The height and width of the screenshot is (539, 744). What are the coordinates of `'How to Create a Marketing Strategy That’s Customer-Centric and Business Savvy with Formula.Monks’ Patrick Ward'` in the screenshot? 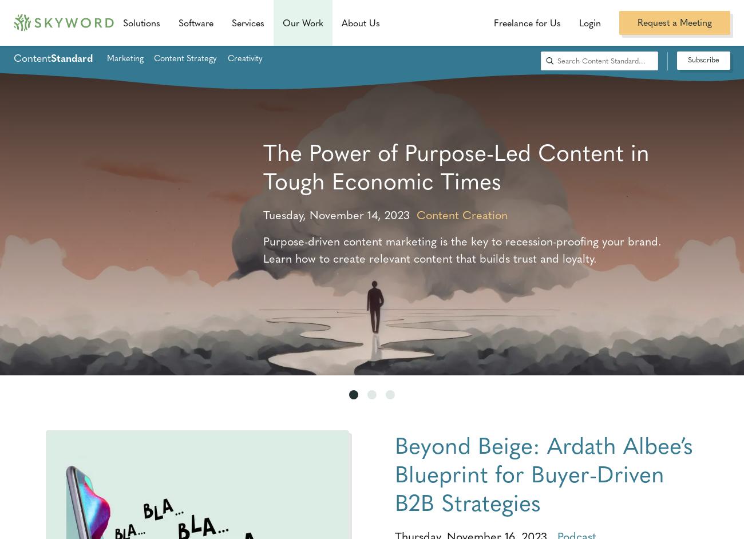 It's located at (262, 180).